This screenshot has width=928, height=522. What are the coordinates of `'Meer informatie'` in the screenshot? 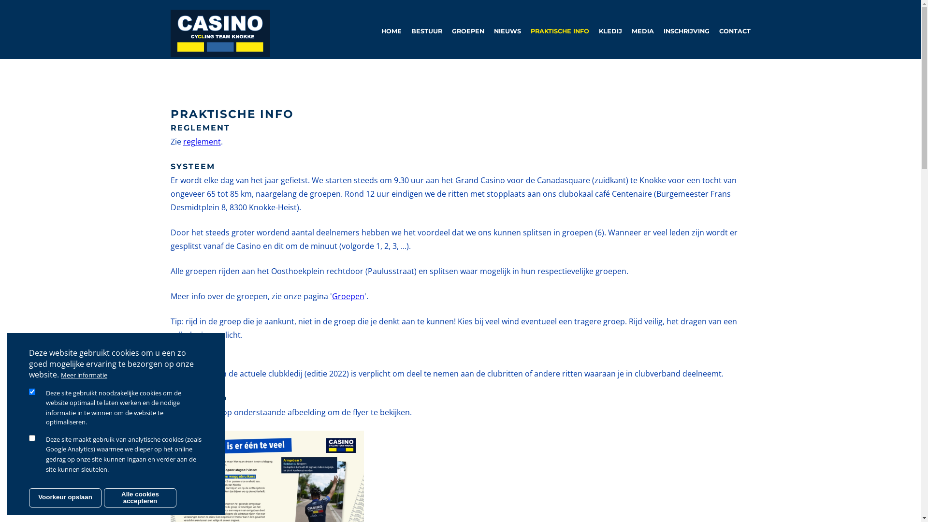 It's located at (84, 374).